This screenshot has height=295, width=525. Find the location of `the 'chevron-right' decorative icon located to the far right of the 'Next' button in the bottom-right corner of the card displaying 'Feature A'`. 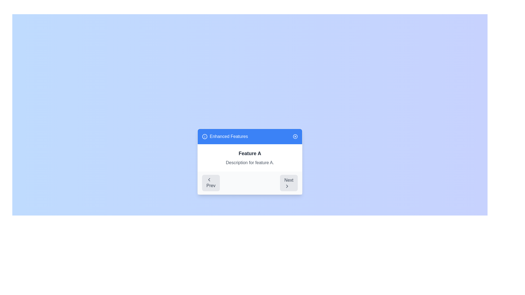

the 'chevron-right' decorative icon located to the far right of the 'Next' button in the bottom-right corner of the card displaying 'Feature A' is located at coordinates (287, 186).